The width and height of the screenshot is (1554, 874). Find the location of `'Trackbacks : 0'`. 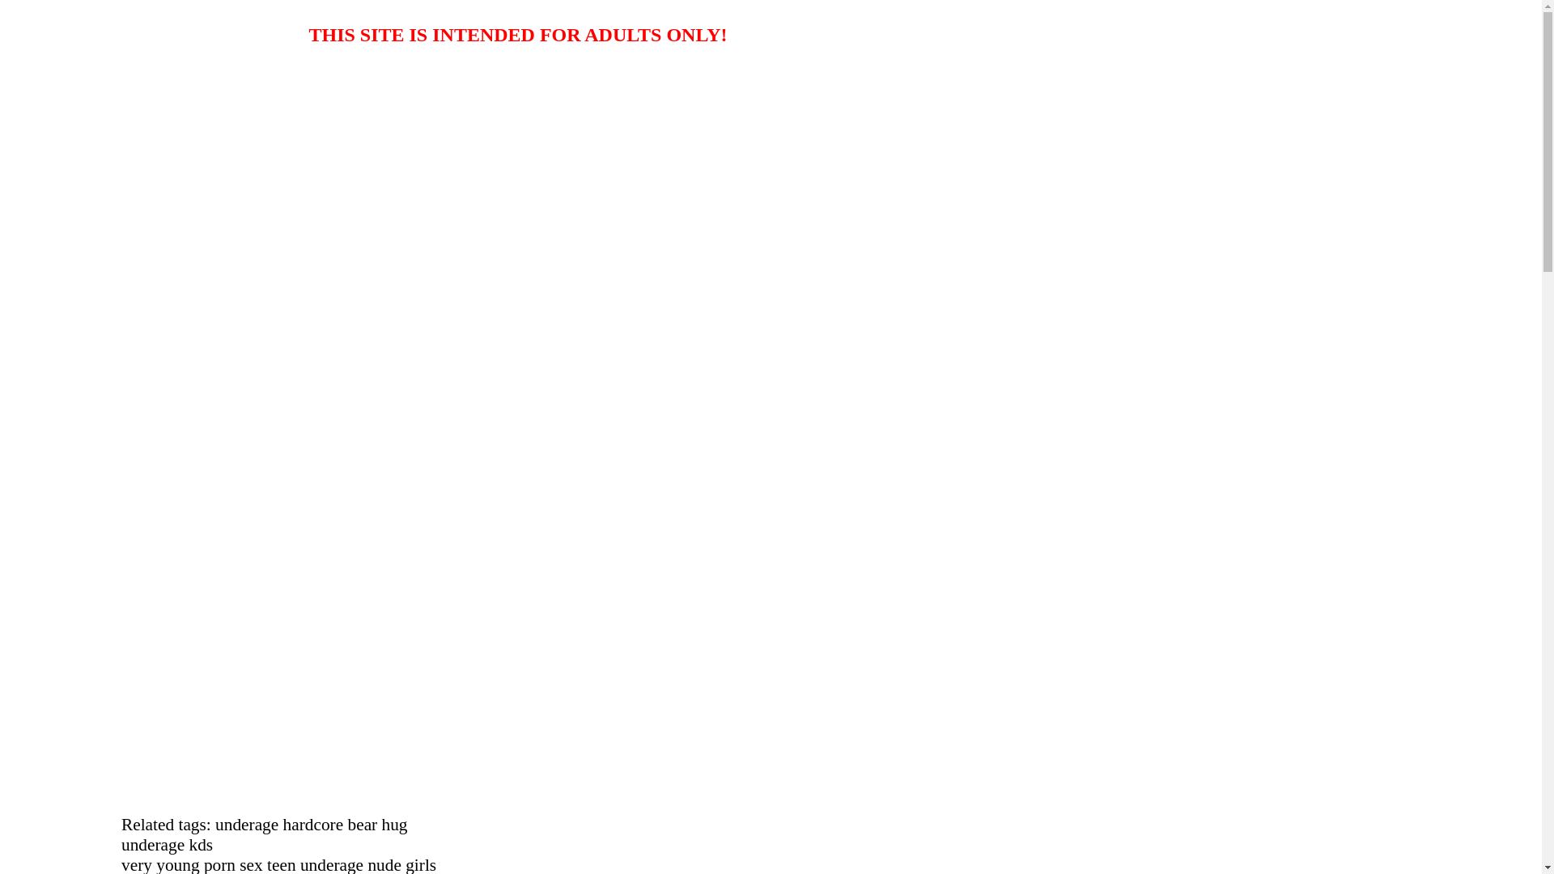

'Trackbacks : 0' is located at coordinates (76, 153).